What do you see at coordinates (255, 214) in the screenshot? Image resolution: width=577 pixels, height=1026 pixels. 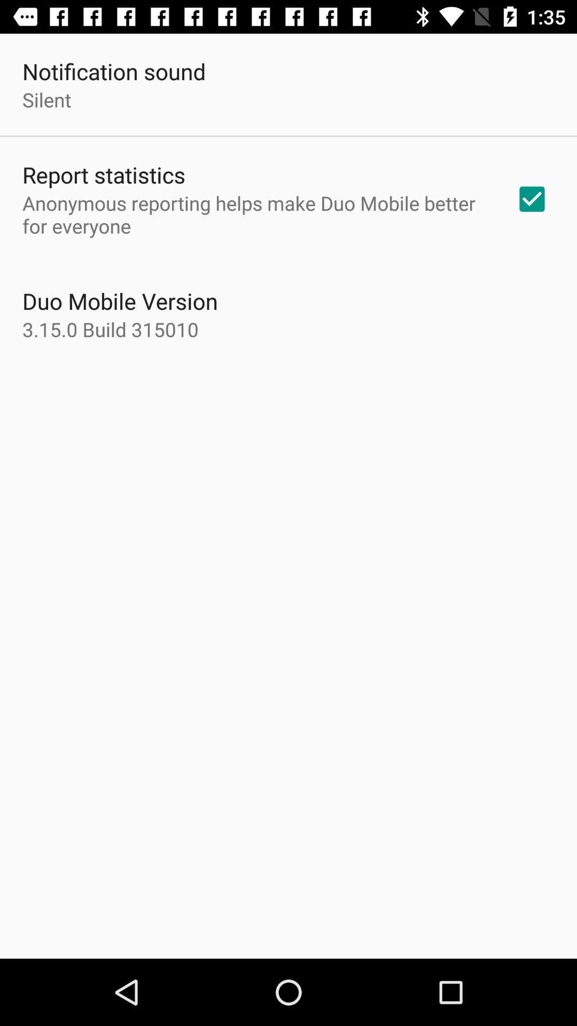 I see `the anonymous reporting helps item` at bounding box center [255, 214].